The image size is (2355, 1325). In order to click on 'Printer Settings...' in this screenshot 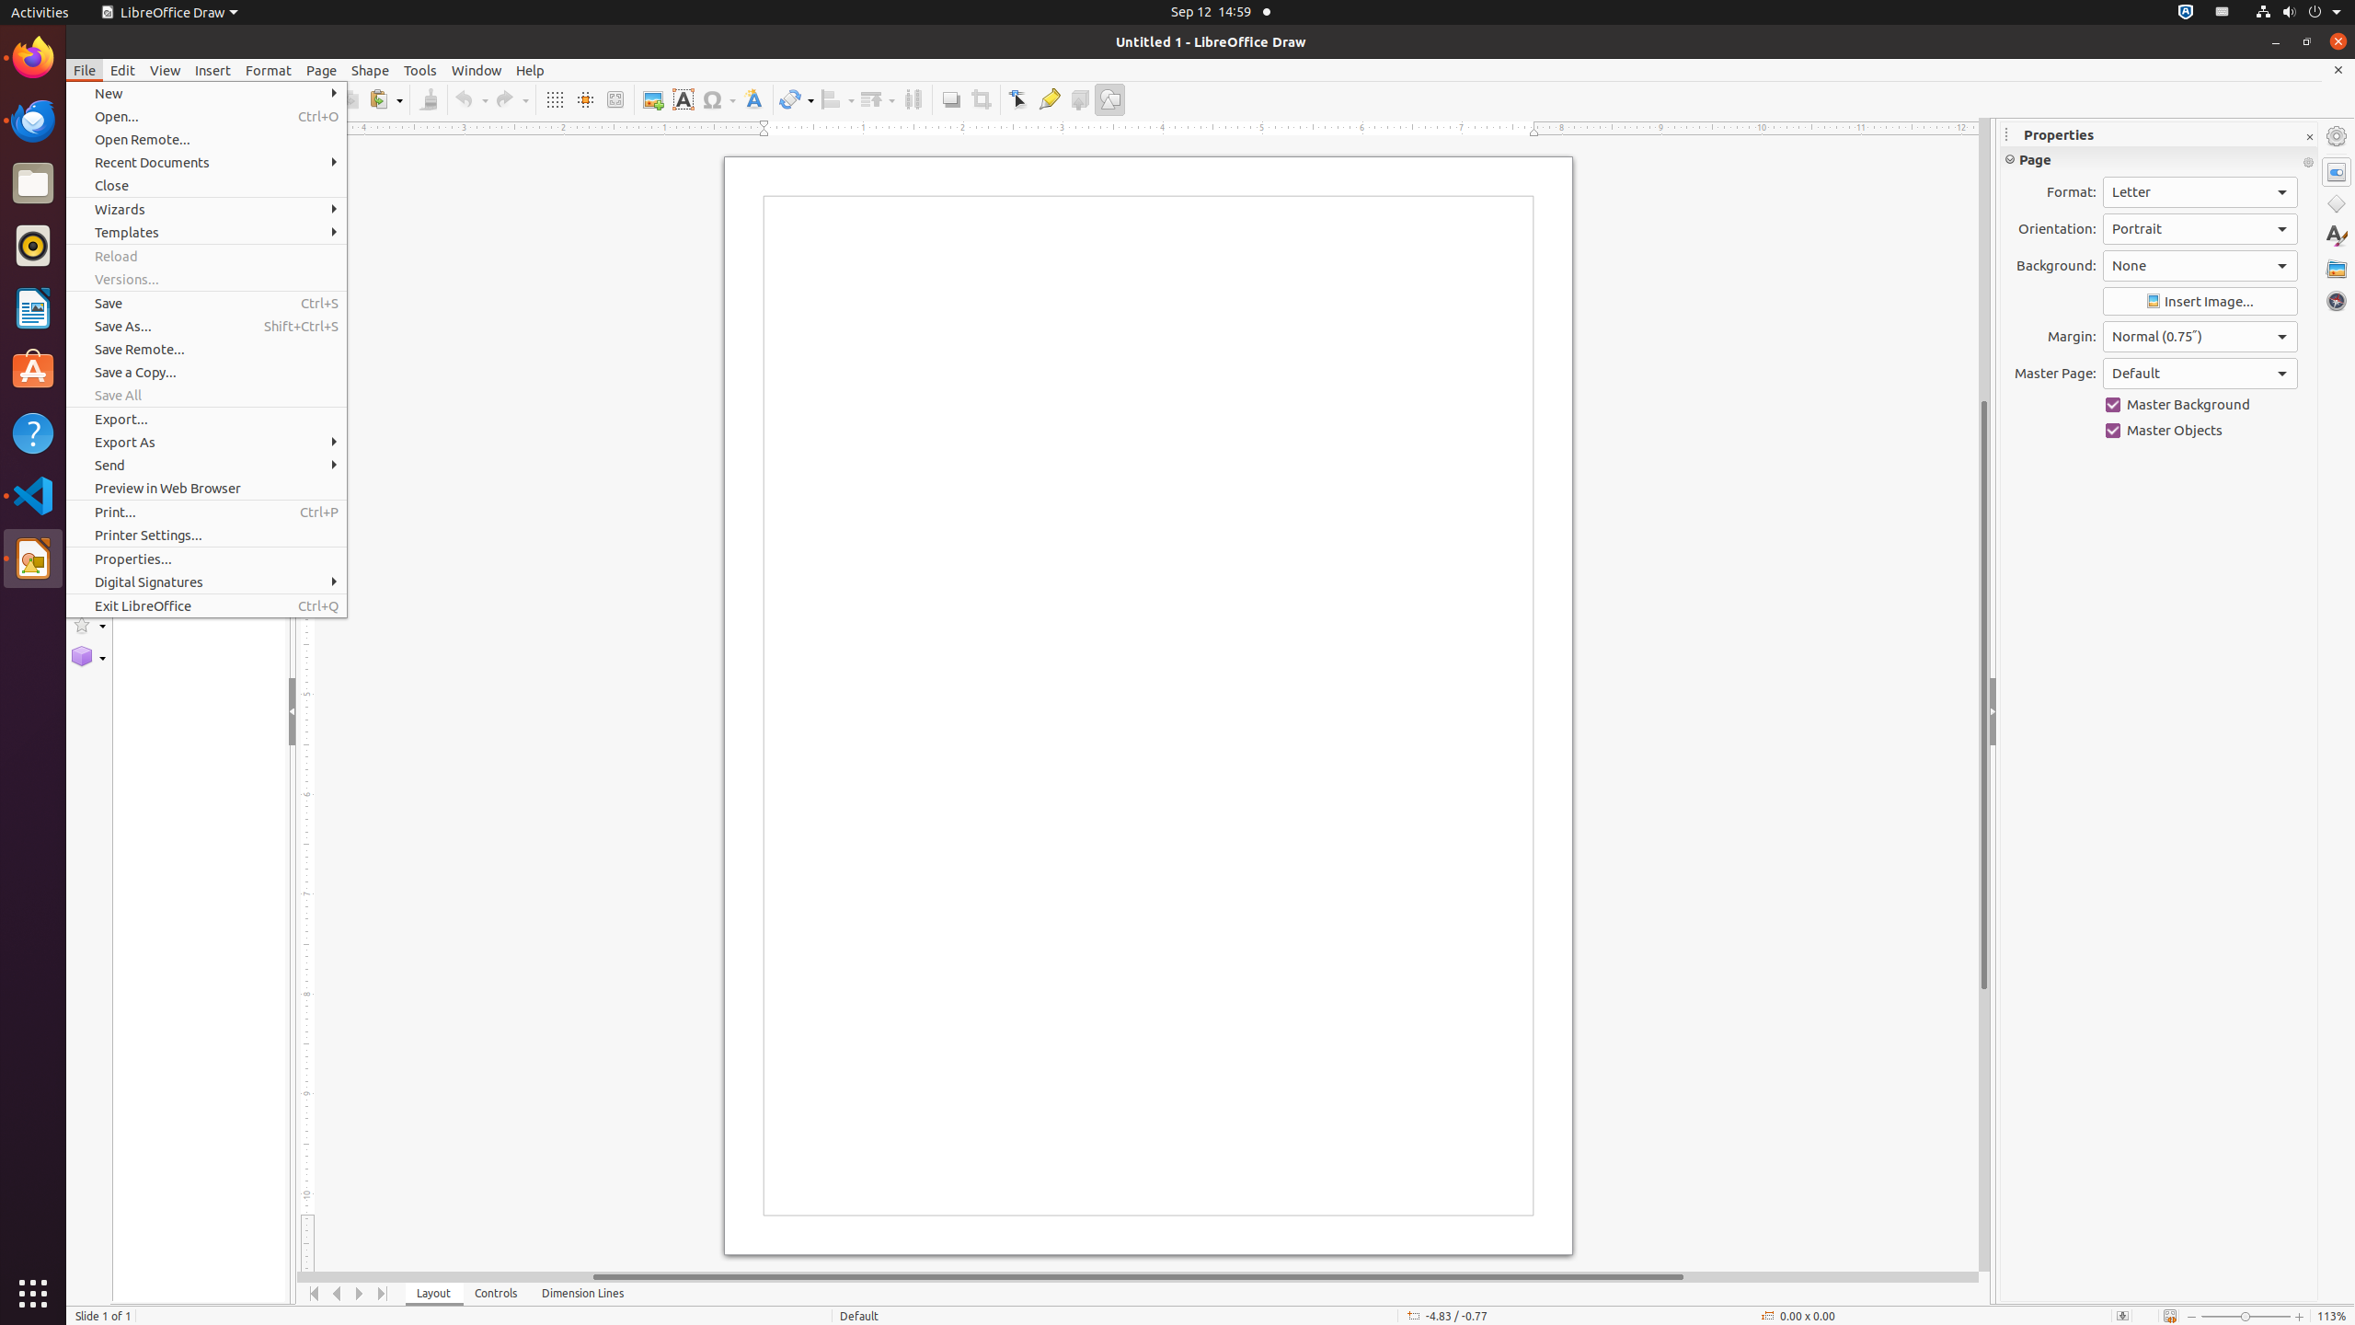, I will do `click(206, 535)`.